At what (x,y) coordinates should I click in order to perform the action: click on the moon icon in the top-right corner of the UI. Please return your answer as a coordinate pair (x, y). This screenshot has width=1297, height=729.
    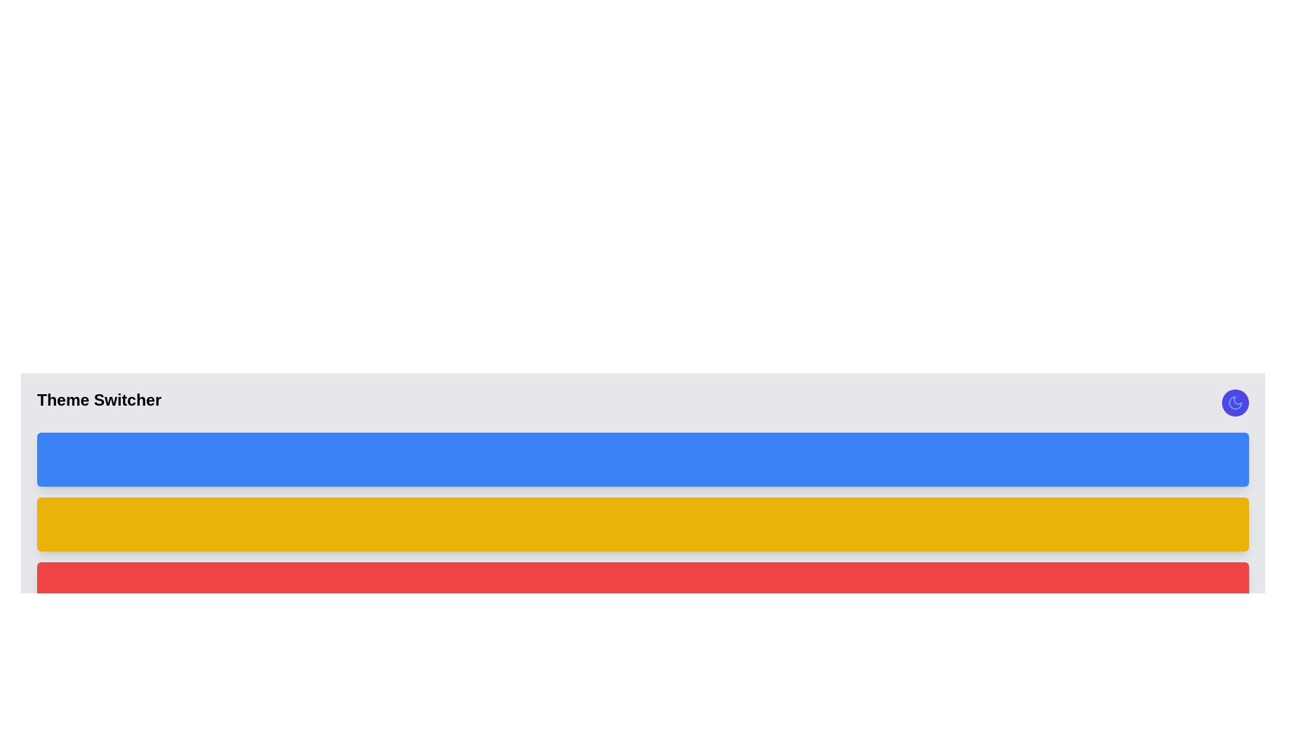
    Looking at the image, I should click on (1235, 402).